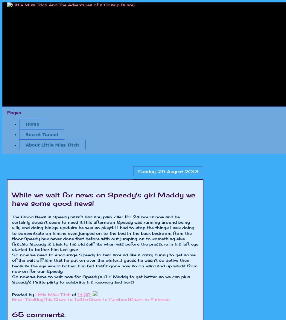 This screenshot has height=320, width=286. Describe the element at coordinates (39, 314) in the screenshot. I see `'65 comments:'` at that location.